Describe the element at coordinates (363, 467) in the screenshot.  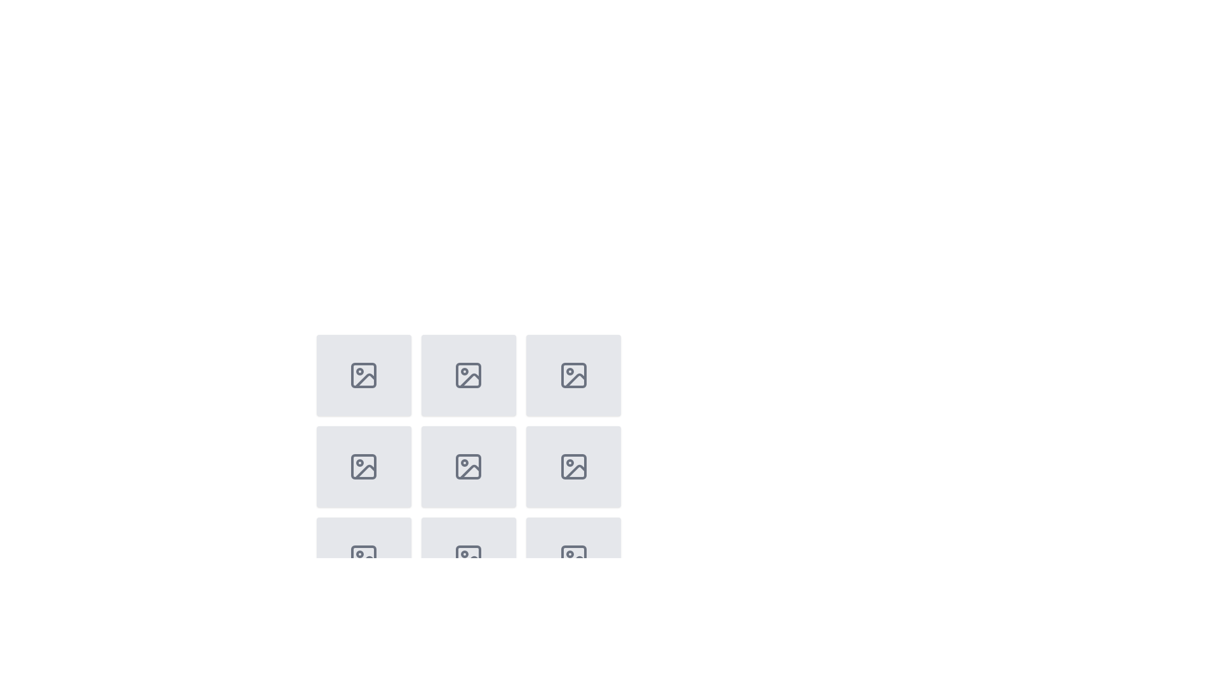
I see `the Placeholder box located in the second slot of the second row of a 3x3 grid layout` at that location.